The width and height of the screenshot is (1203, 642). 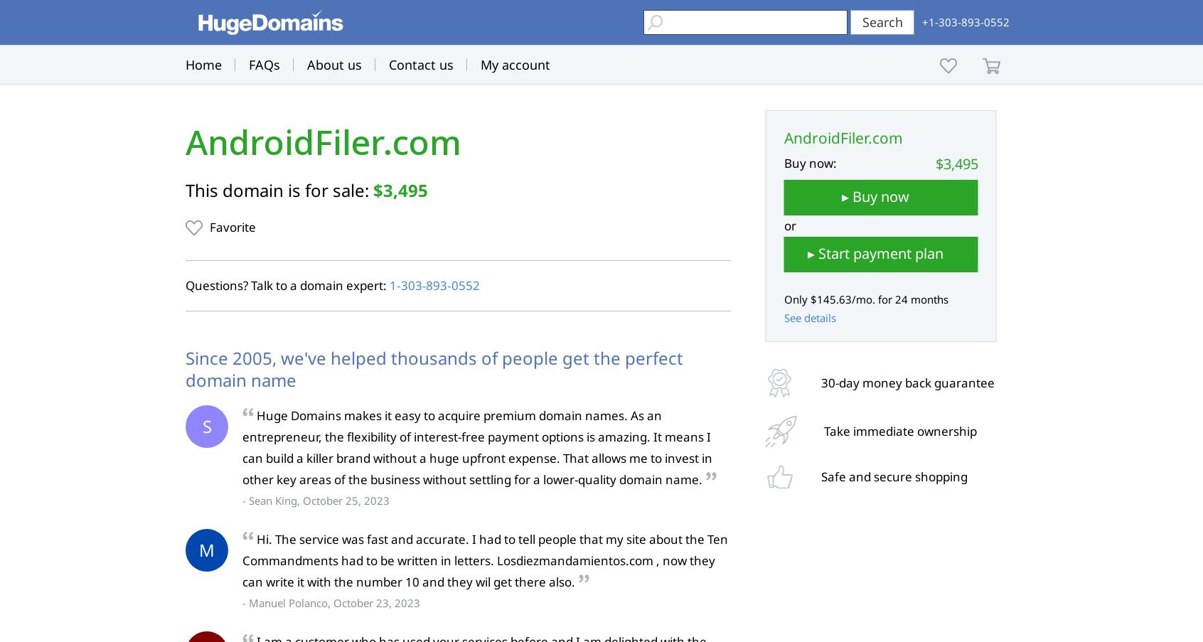 What do you see at coordinates (322, 142) in the screenshot?
I see `'AndroidFiler.com'` at bounding box center [322, 142].